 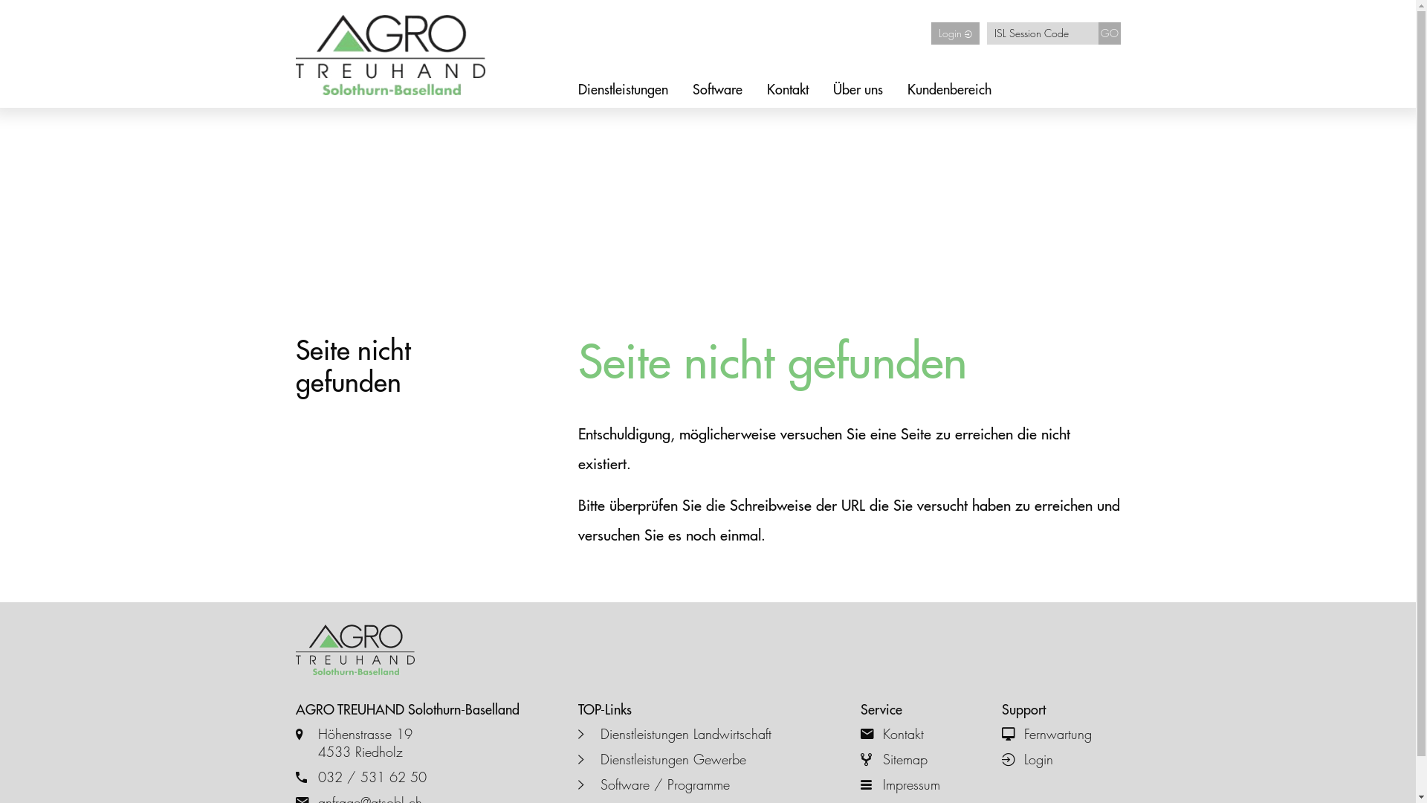 What do you see at coordinates (708, 784) in the screenshot?
I see `'Software / Programme'` at bounding box center [708, 784].